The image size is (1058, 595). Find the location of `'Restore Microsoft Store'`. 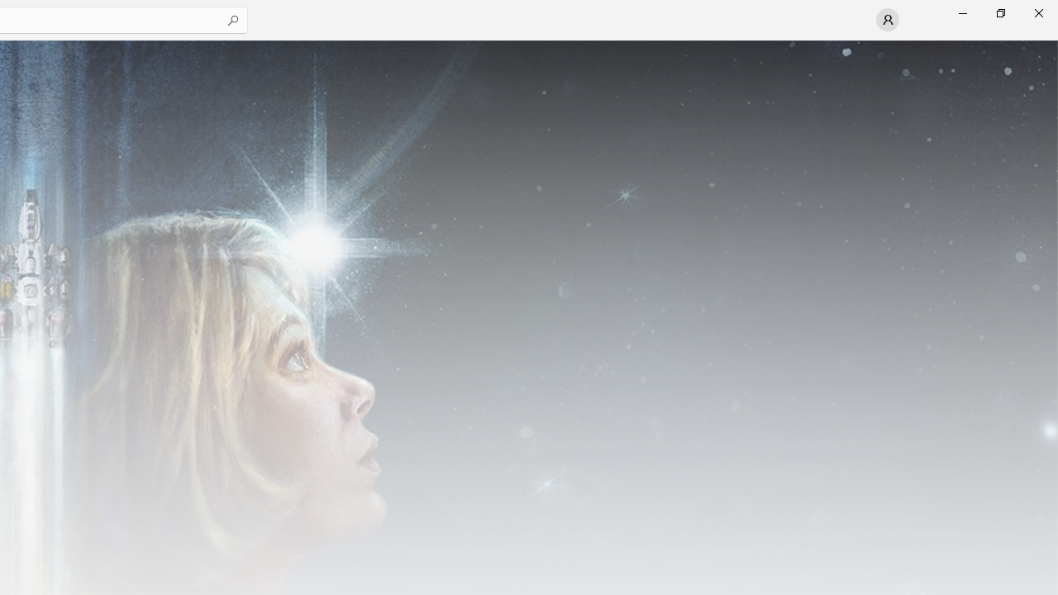

'Restore Microsoft Store' is located at coordinates (999, 12).